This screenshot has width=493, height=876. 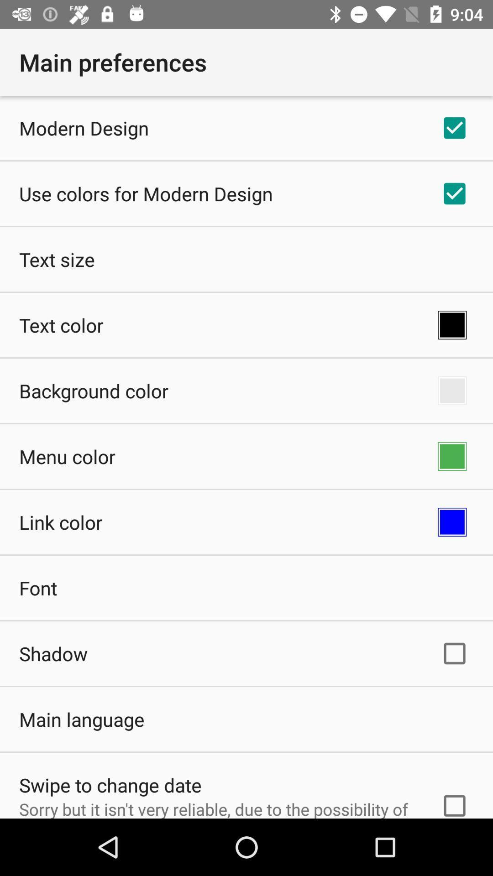 What do you see at coordinates (110, 784) in the screenshot?
I see `icon above sorry but it` at bounding box center [110, 784].